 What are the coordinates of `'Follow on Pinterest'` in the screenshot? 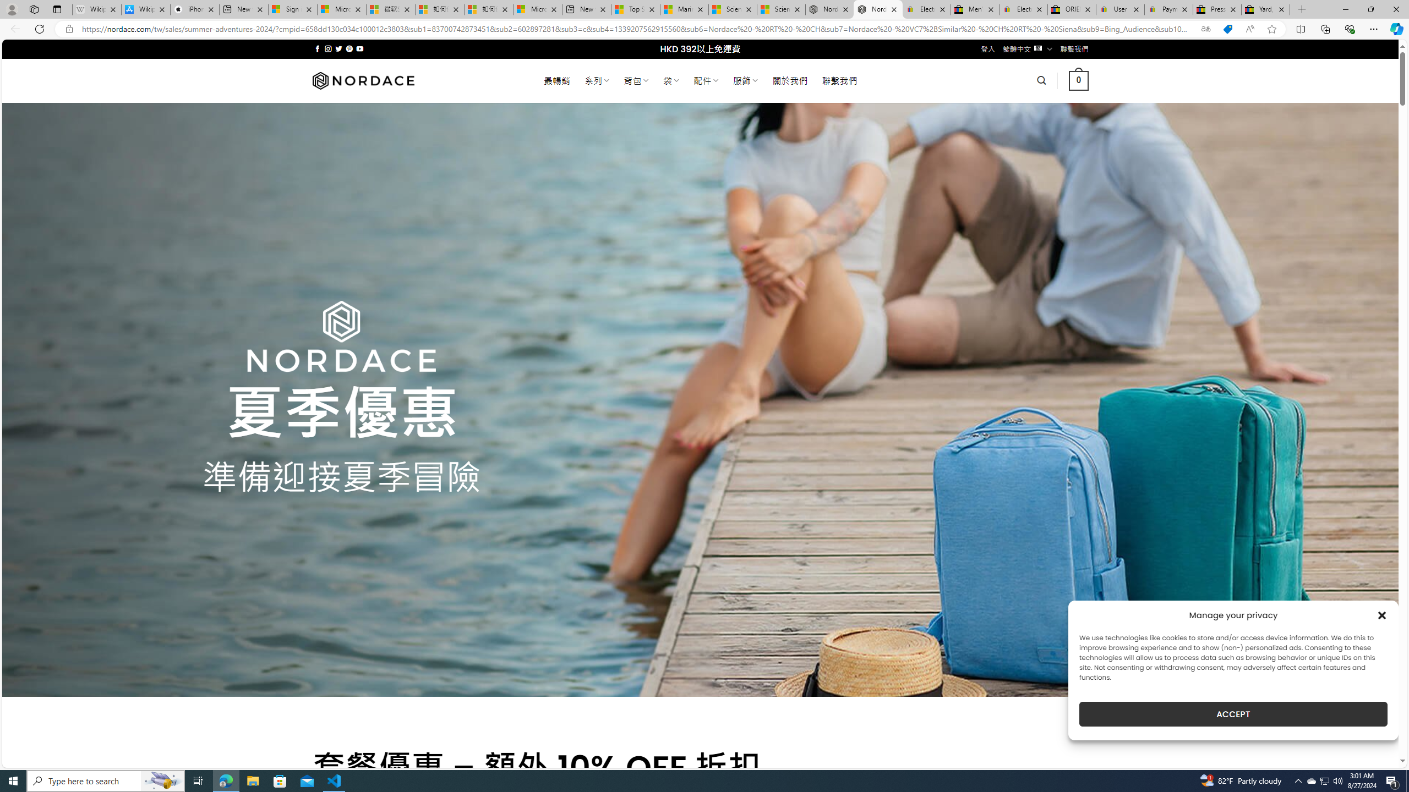 It's located at (348, 48).